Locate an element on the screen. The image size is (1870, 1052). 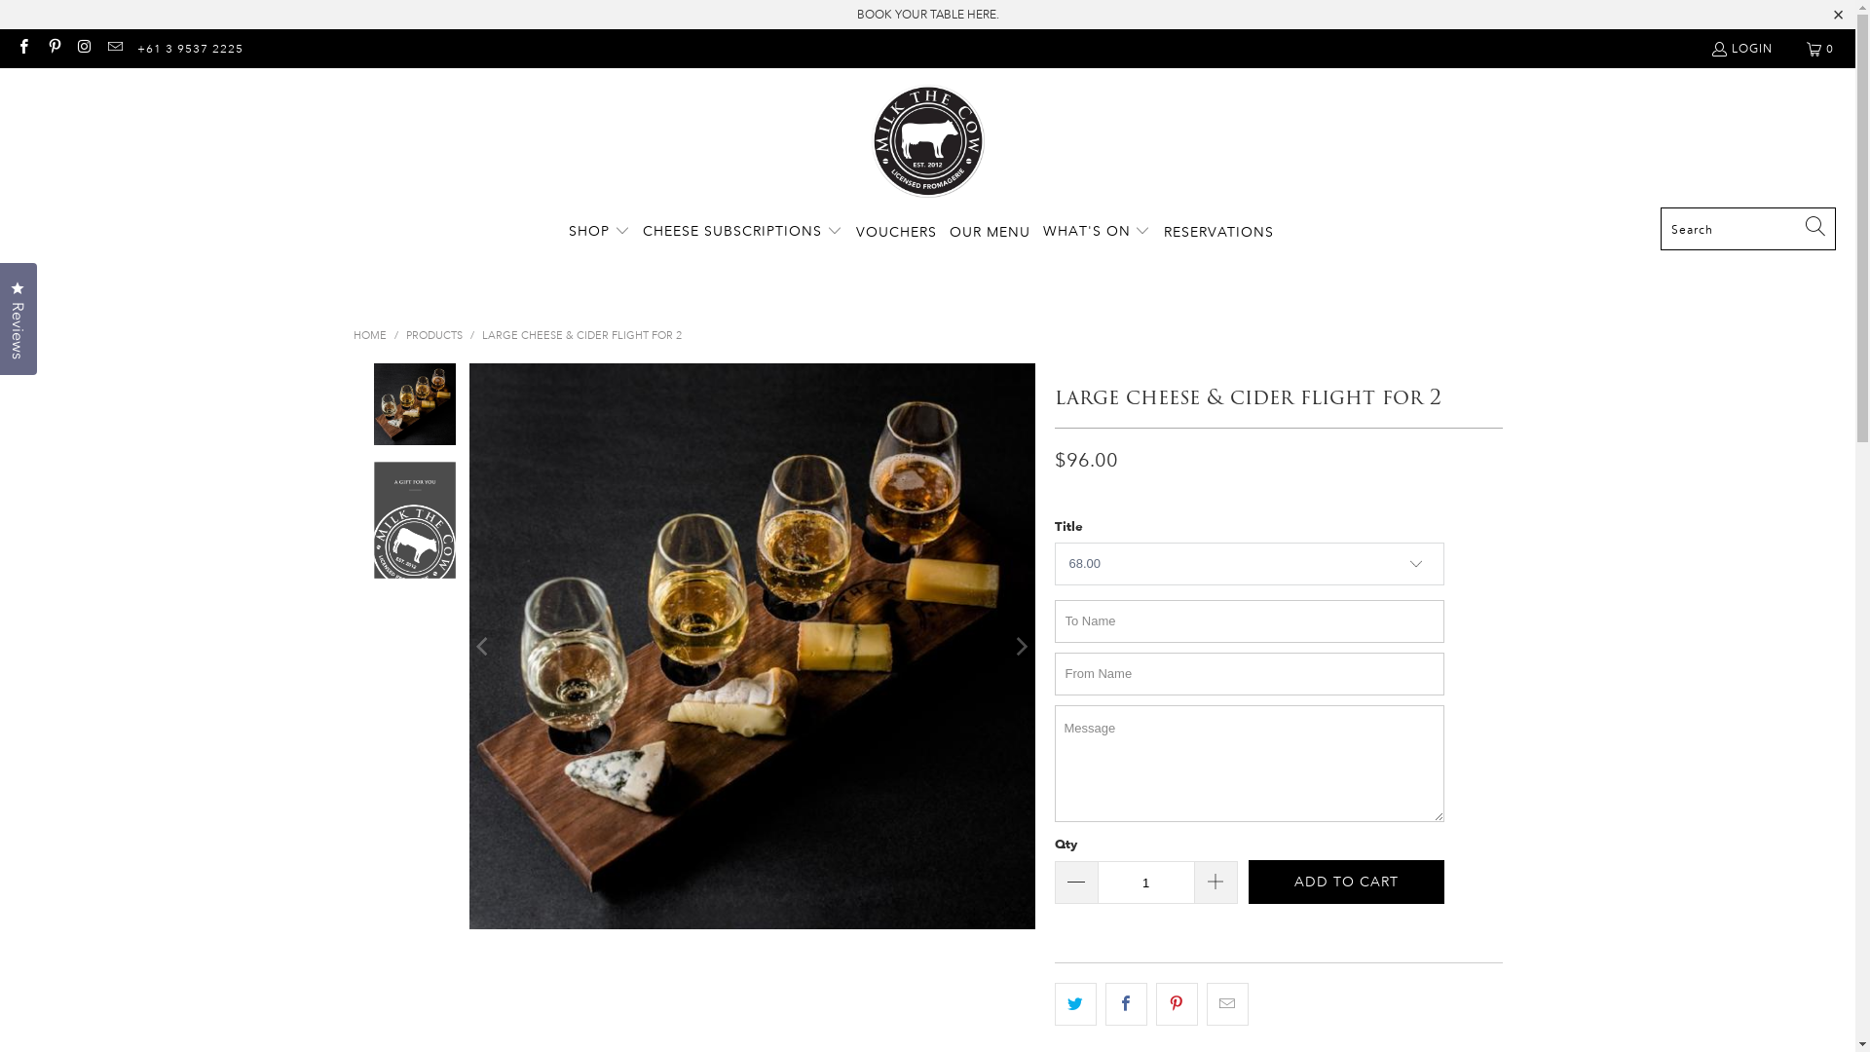
'Milk the Cow Licensed Fromagerie on Instagram' is located at coordinates (75, 47).